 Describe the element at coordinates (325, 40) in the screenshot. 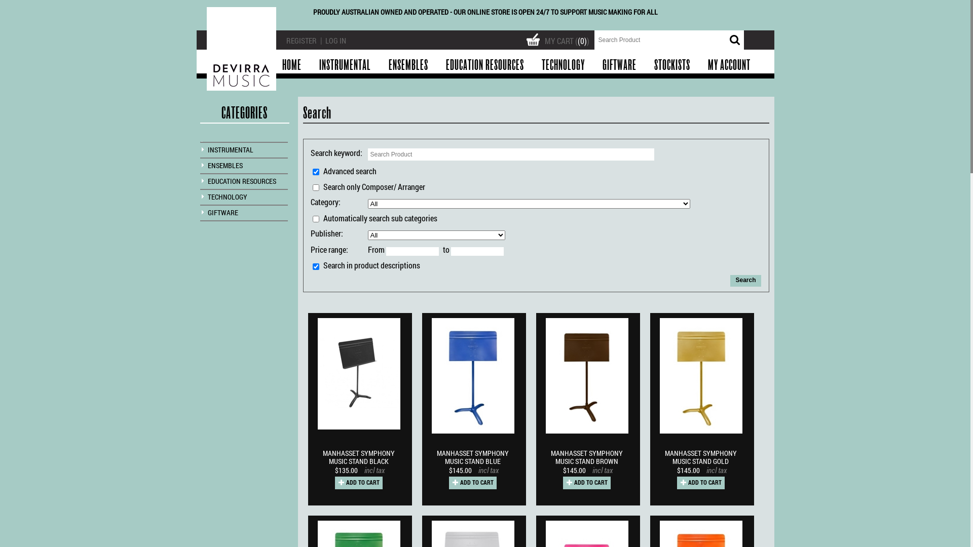

I see `'LOG IN'` at that location.